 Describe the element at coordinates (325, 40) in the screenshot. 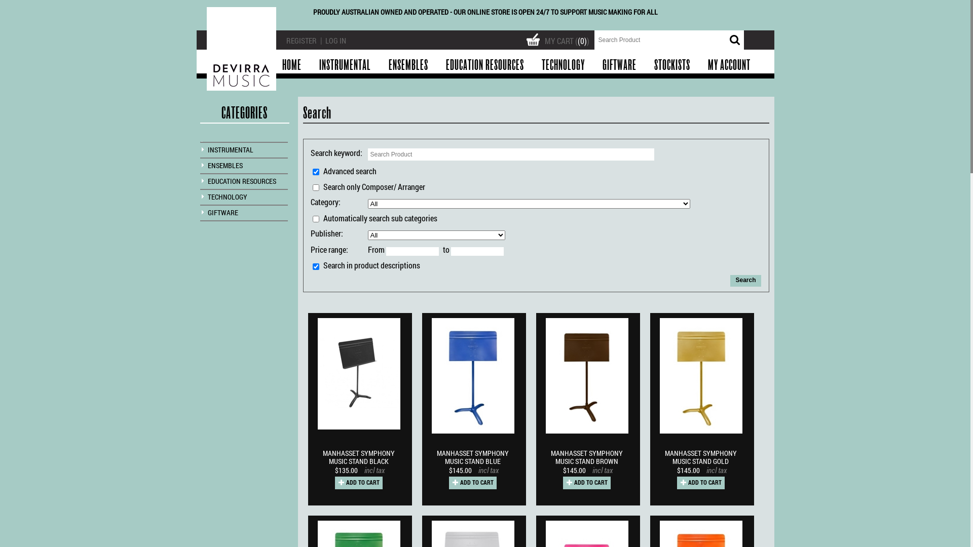

I see `'LOG IN'` at that location.